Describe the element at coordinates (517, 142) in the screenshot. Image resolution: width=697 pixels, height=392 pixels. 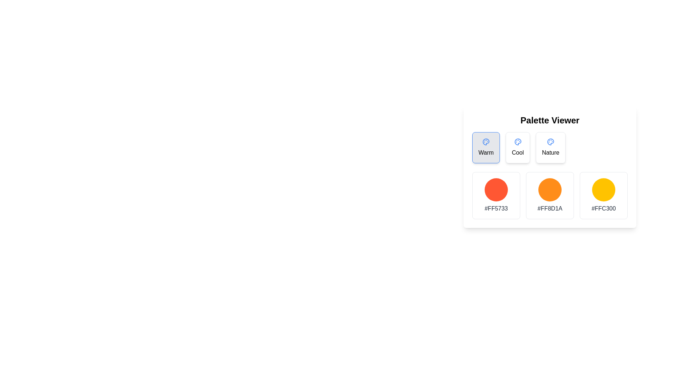
I see `the 'Cool' theme icon located in the second position among three card-like buttons labeled 'Warm', 'Cool', and 'Nature'` at that location.